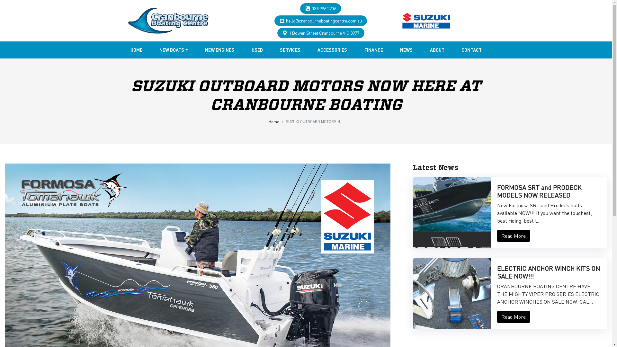 The image size is (617, 347). I want to click on 'NEW BOATS', so click(174, 49).